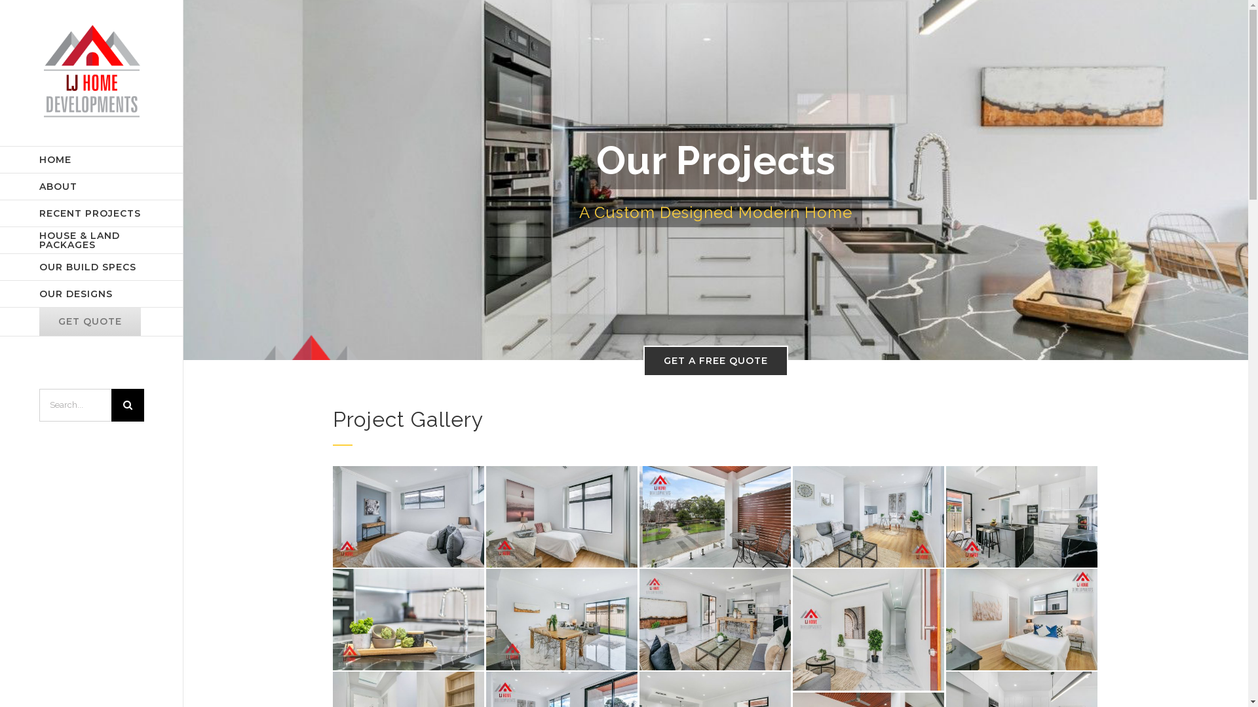  What do you see at coordinates (714, 619) in the screenshot?
I see `'7'` at bounding box center [714, 619].